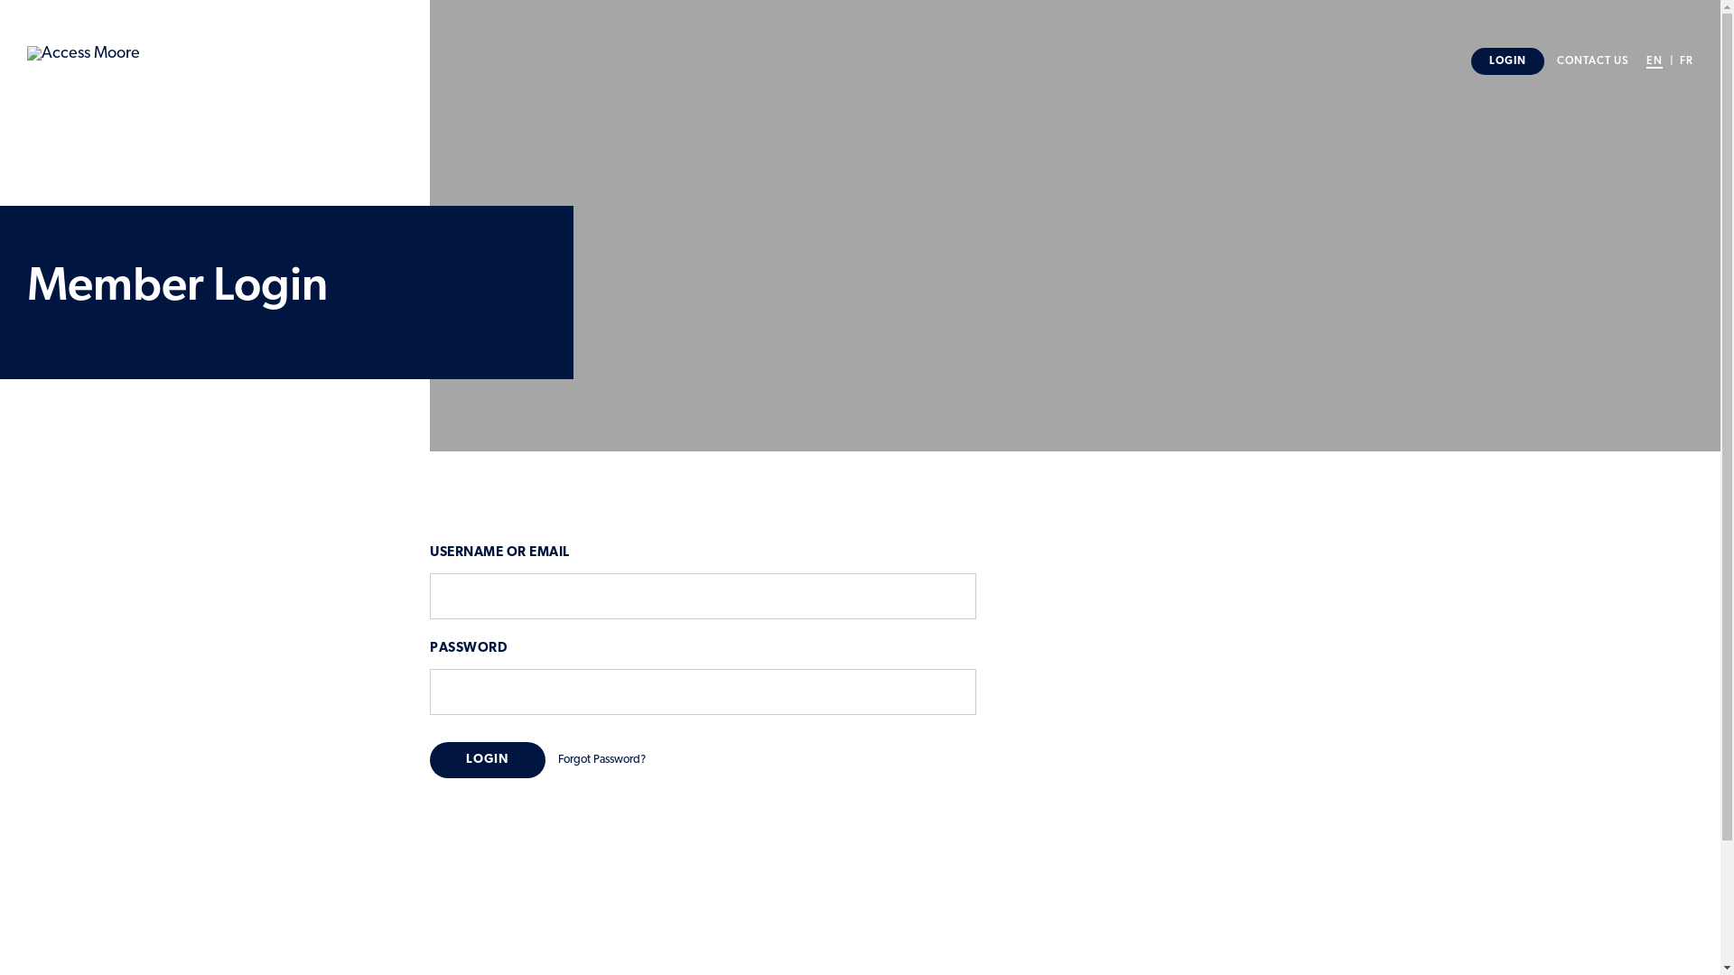 The image size is (1734, 975). What do you see at coordinates (1655, 61) in the screenshot?
I see `'EN'` at bounding box center [1655, 61].